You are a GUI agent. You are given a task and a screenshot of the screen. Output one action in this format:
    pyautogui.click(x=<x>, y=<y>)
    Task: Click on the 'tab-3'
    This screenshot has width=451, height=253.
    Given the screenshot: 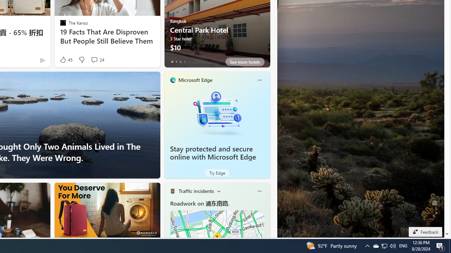 What is the action you would take?
    pyautogui.click(x=185, y=61)
    